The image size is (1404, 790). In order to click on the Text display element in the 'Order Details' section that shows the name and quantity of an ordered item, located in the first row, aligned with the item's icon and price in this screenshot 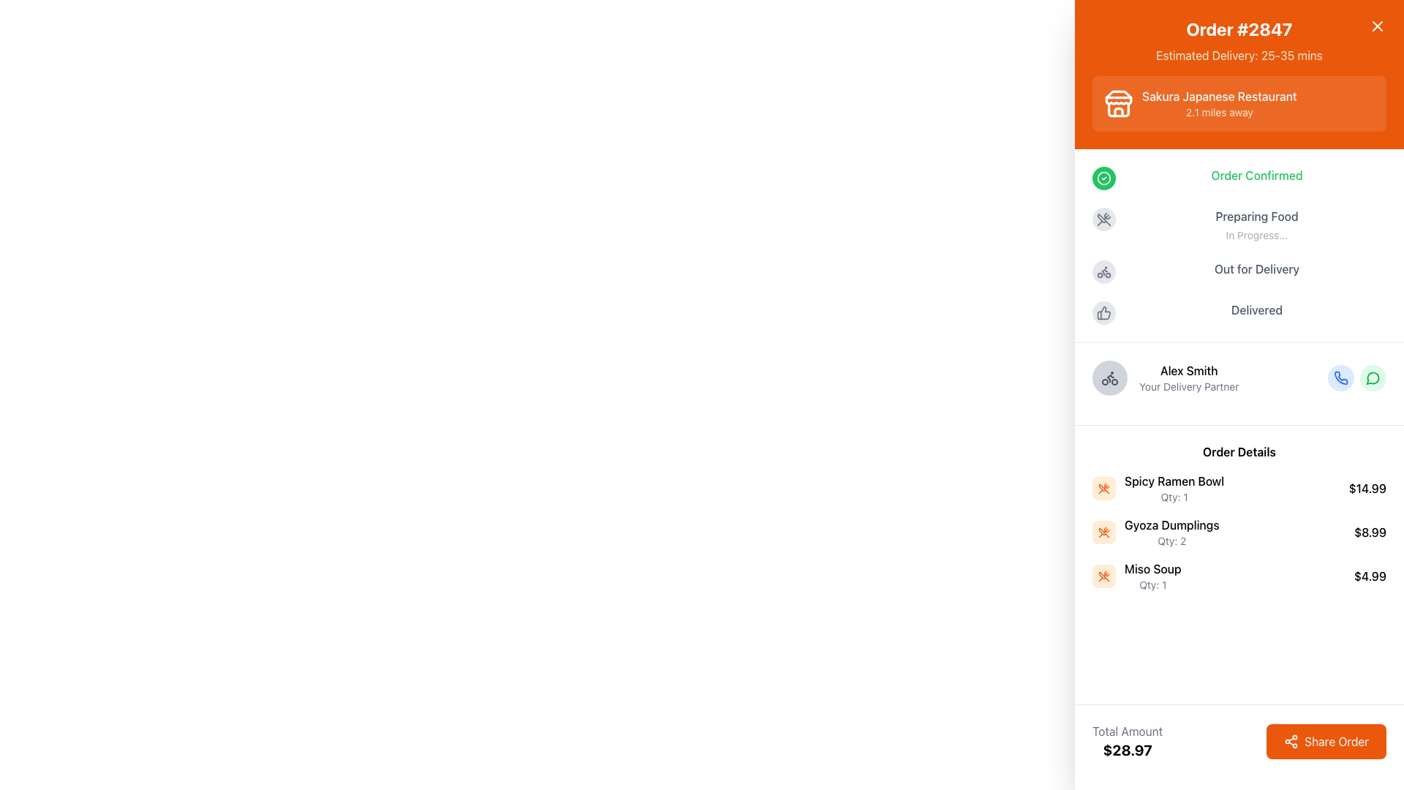, I will do `click(1174, 488)`.